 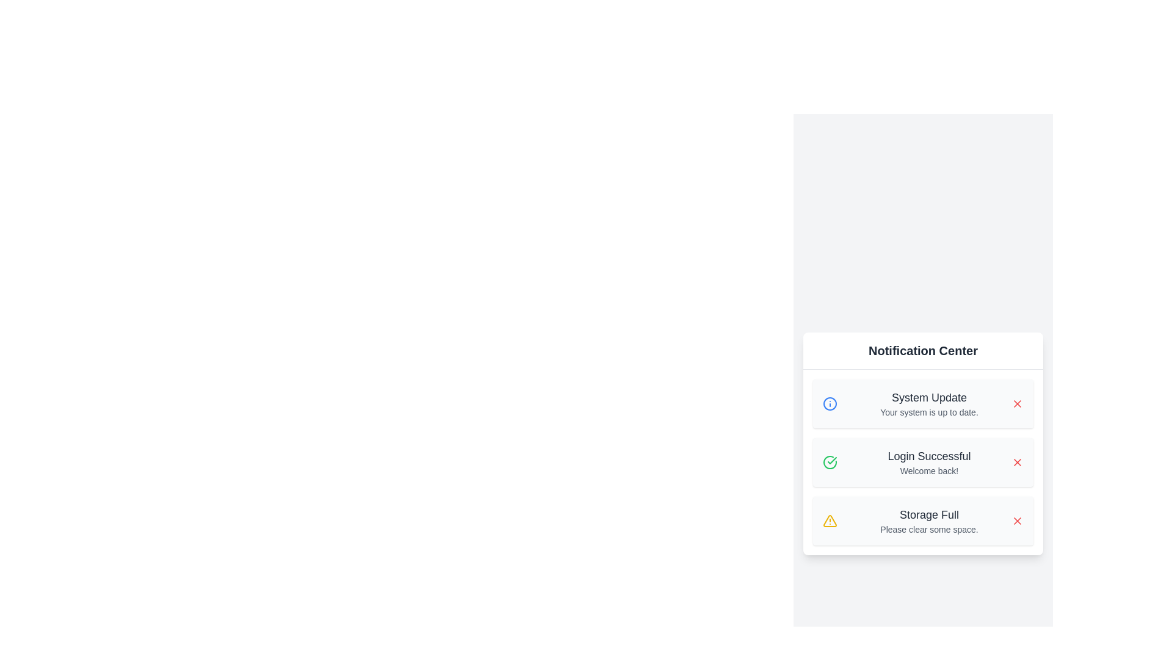 What do you see at coordinates (1017, 520) in the screenshot?
I see `the small cross icon (SVG) at the right end of the 'System Update' notification card` at bounding box center [1017, 520].